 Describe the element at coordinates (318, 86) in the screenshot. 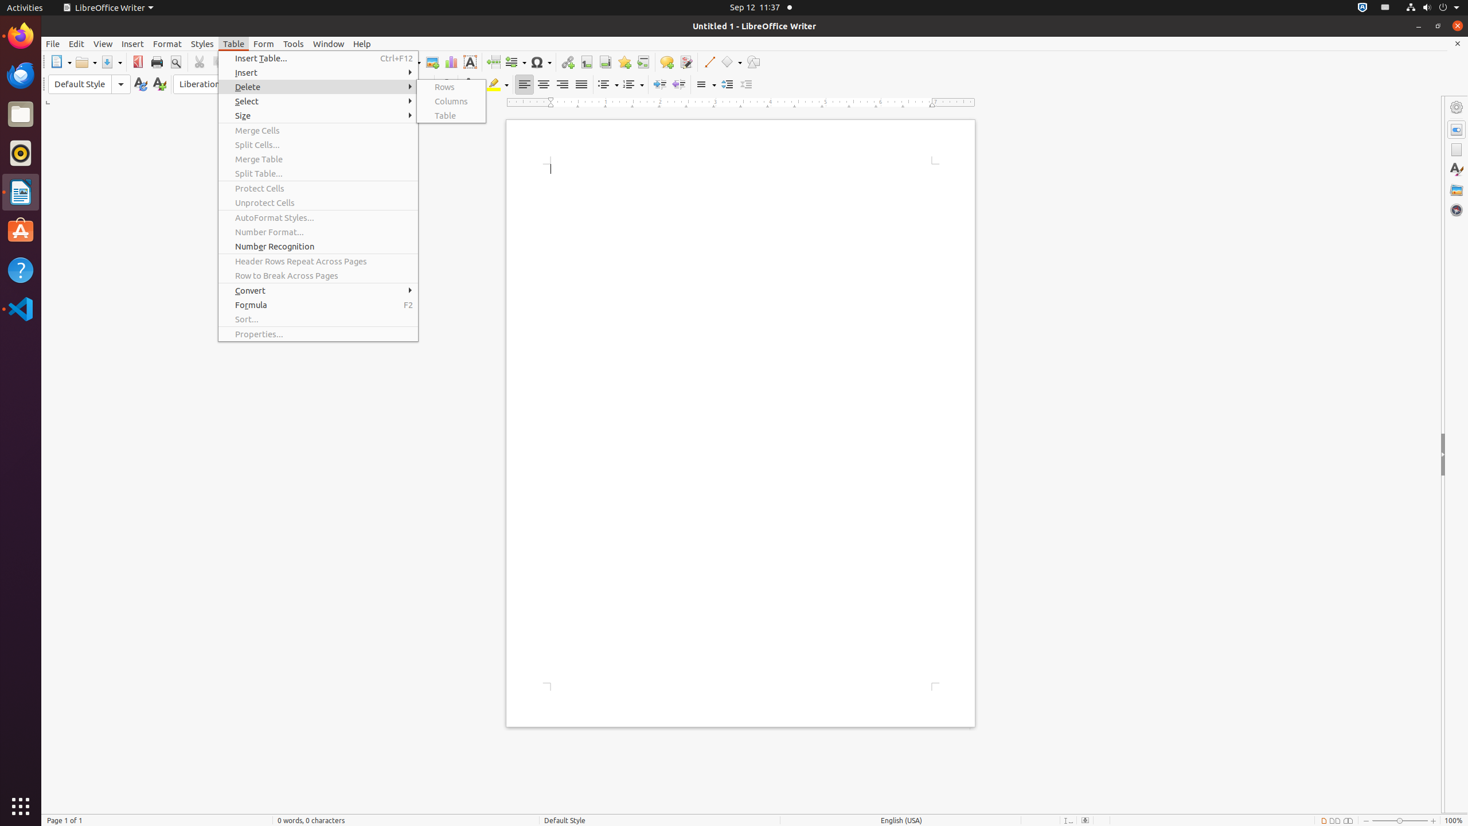

I see `'Delete'` at that location.